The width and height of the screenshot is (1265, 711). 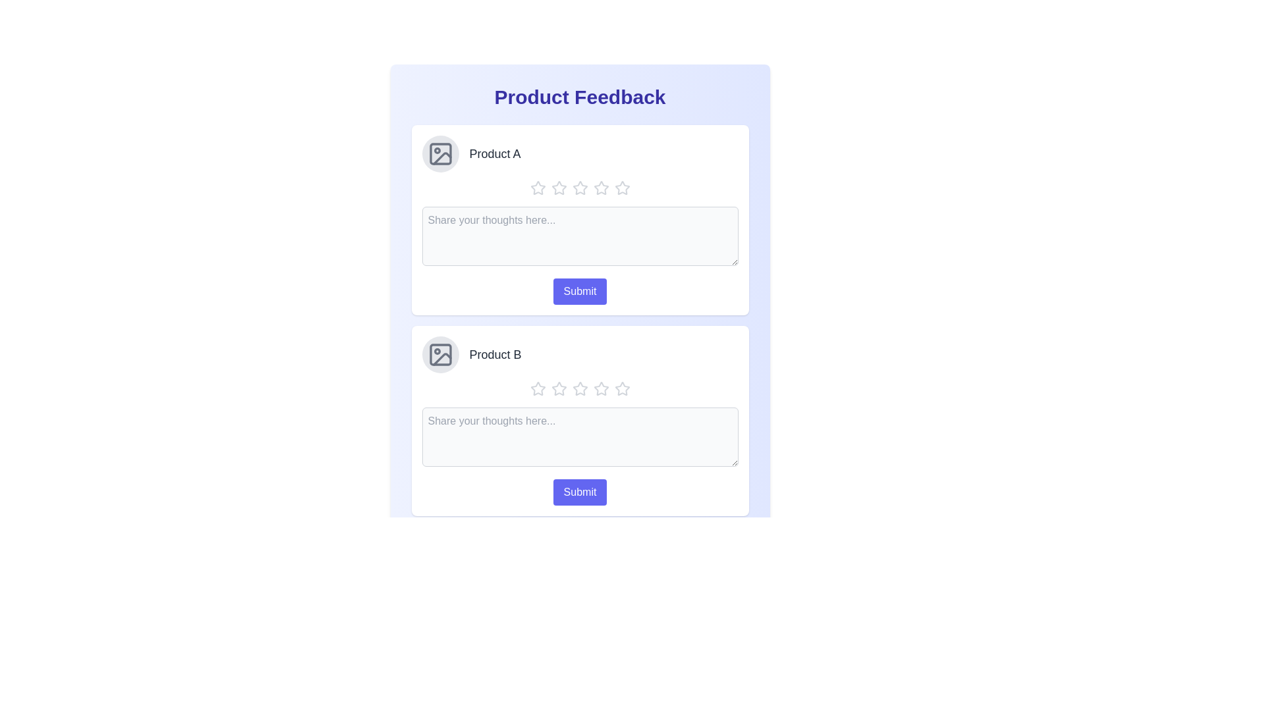 What do you see at coordinates (580, 291) in the screenshot?
I see `the 'Submit' button for the first product feedback form` at bounding box center [580, 291].